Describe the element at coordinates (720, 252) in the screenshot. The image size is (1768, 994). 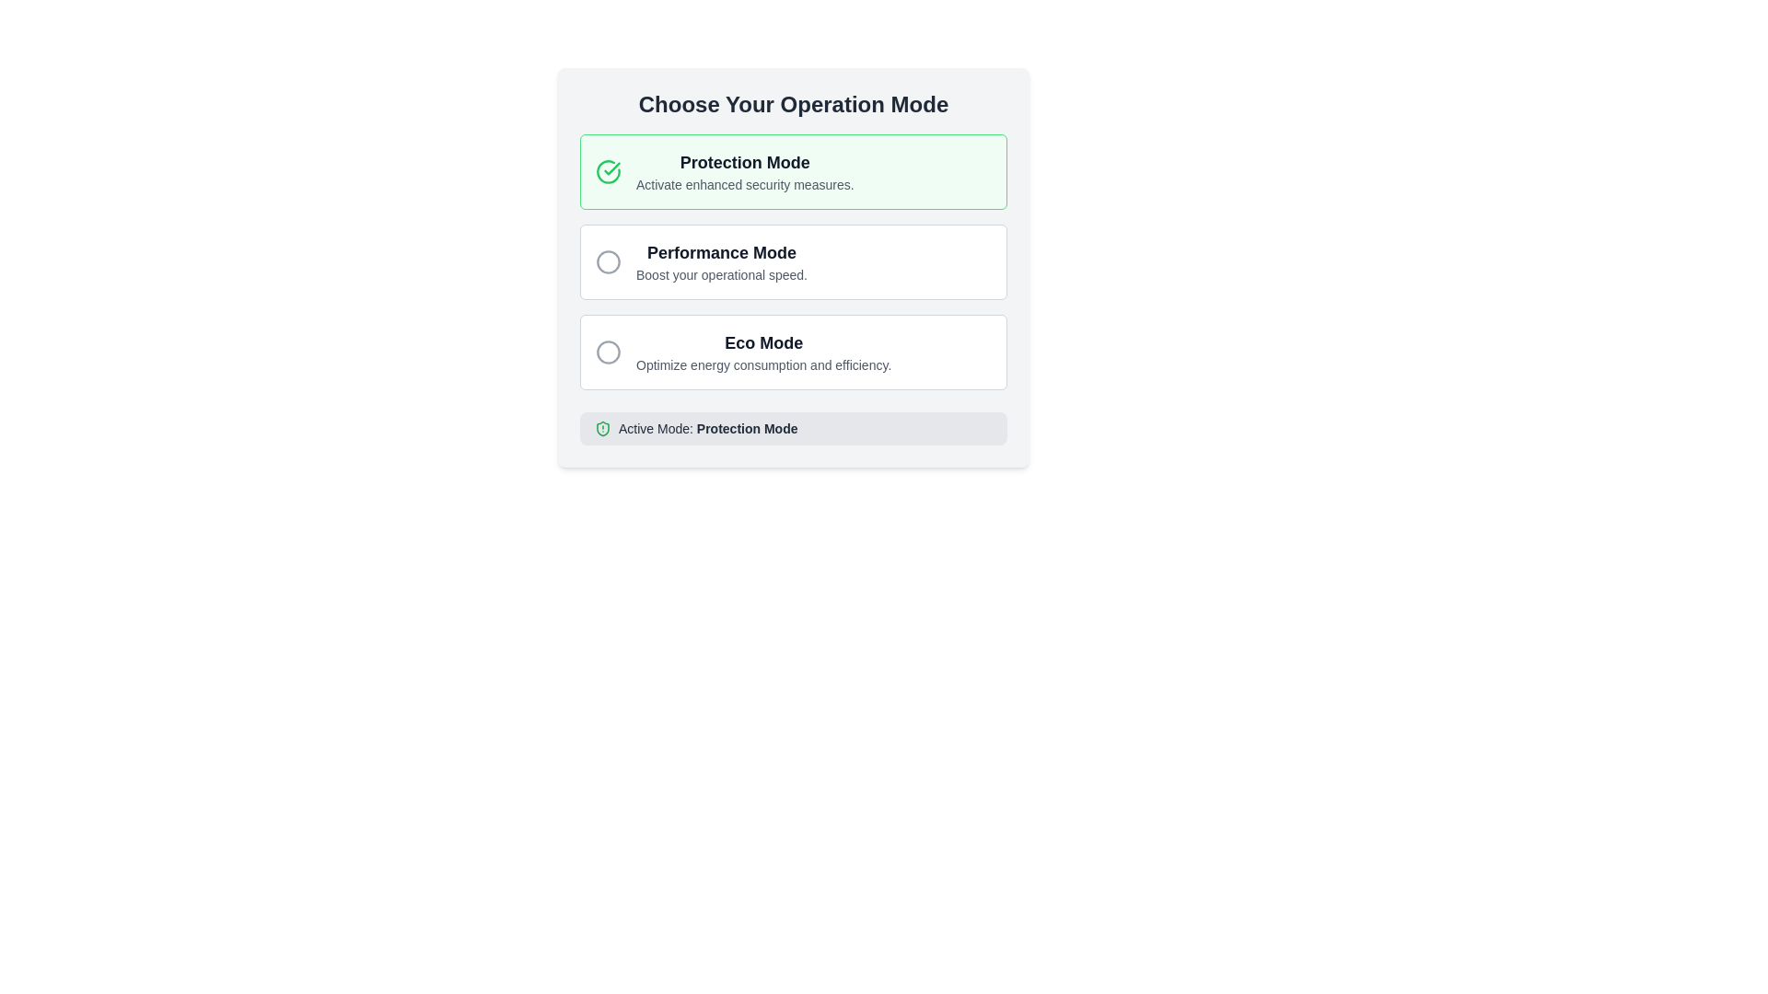
I see `the 'Performance Mode' title element in the list of operation modes, which is positioned between 'Protection Mode' and 'Eco Mode'` at that location.